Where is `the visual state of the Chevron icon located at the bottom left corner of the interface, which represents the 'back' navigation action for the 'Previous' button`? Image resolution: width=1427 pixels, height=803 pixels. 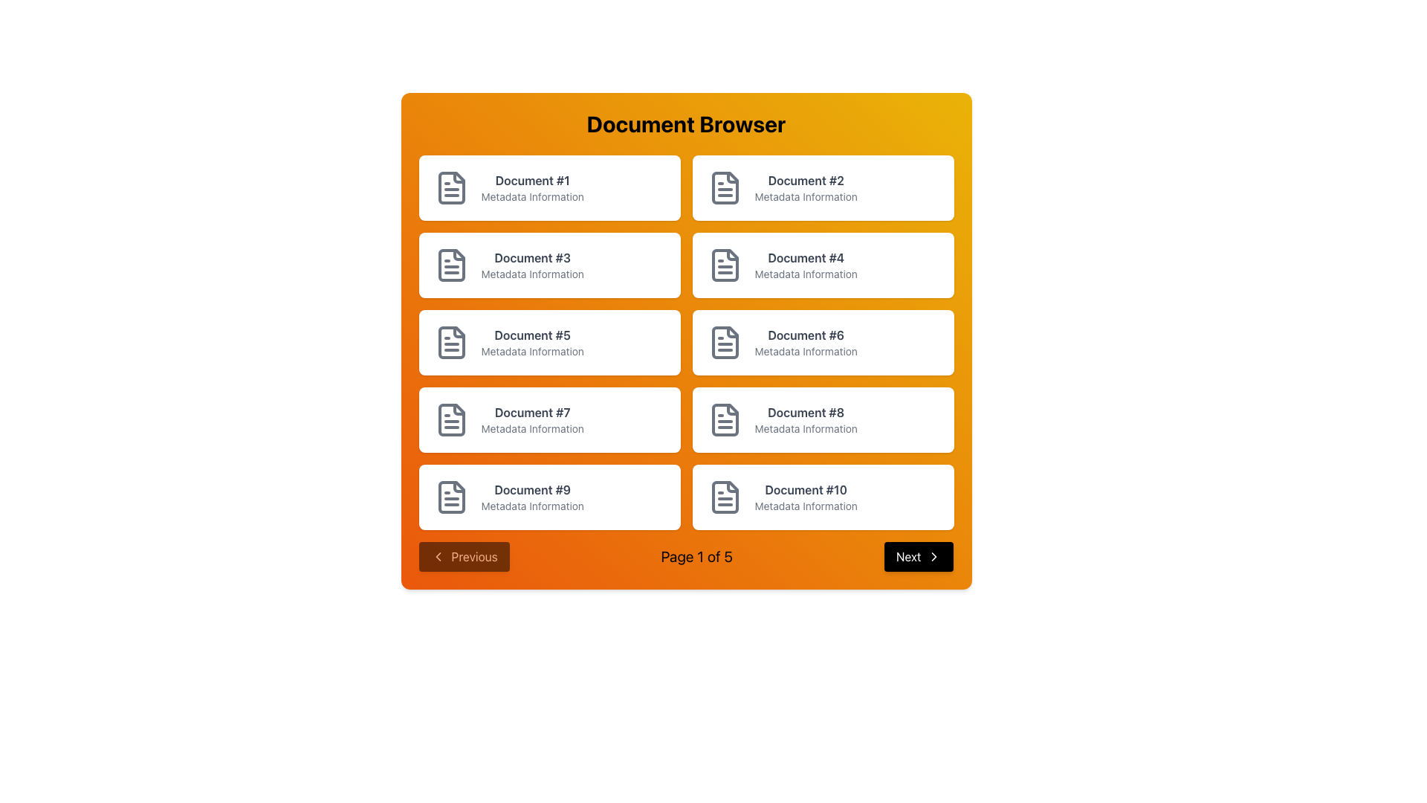 the visual state of the Chevron icon located at the bottom left corner of the interface, which represents the 'back' navigation action for the 'Previous' button is located at coordinates (437, 556).